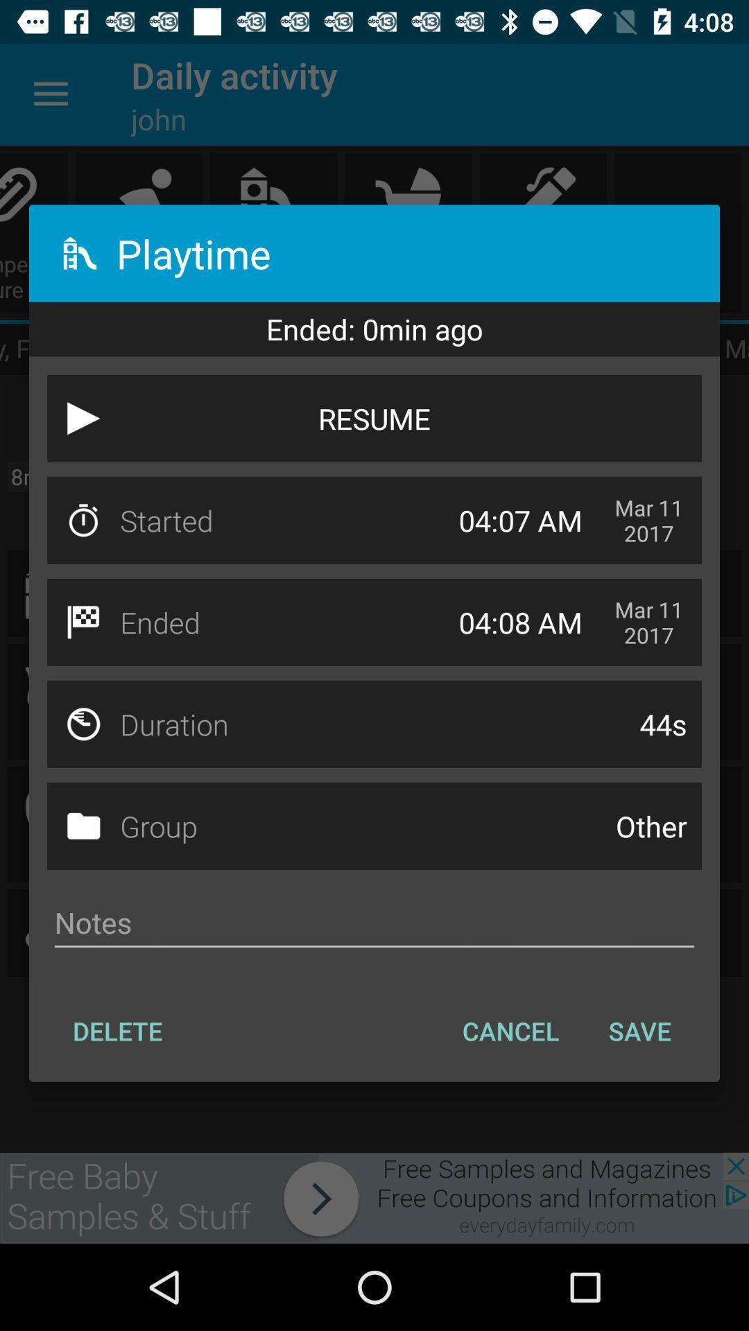 The height and width of the screenshot is (1331, 749). I want to click on the delete icon, so click(117, 1031).